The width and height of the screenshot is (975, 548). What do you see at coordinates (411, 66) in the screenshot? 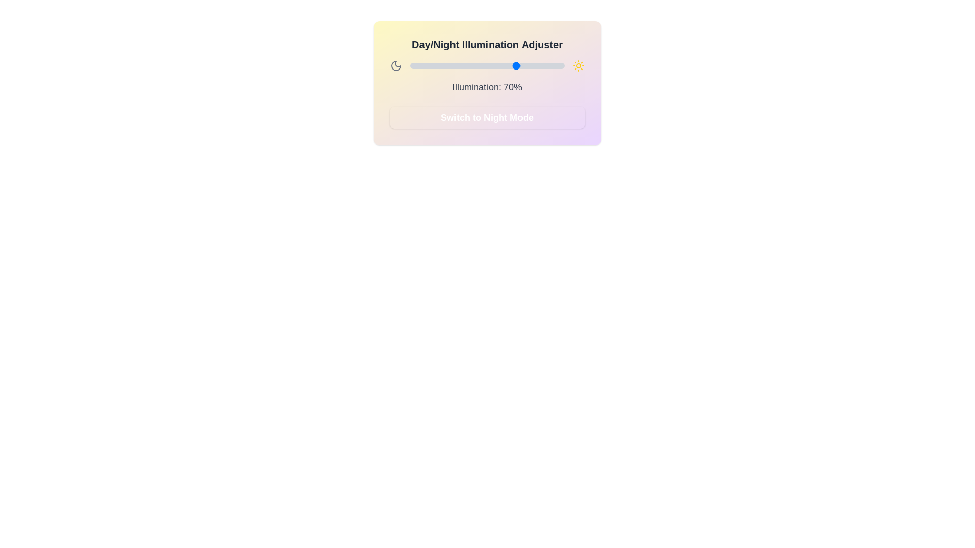
I see `the illumination level to 1% by dragging the slider` at bounding box center [411, 66].